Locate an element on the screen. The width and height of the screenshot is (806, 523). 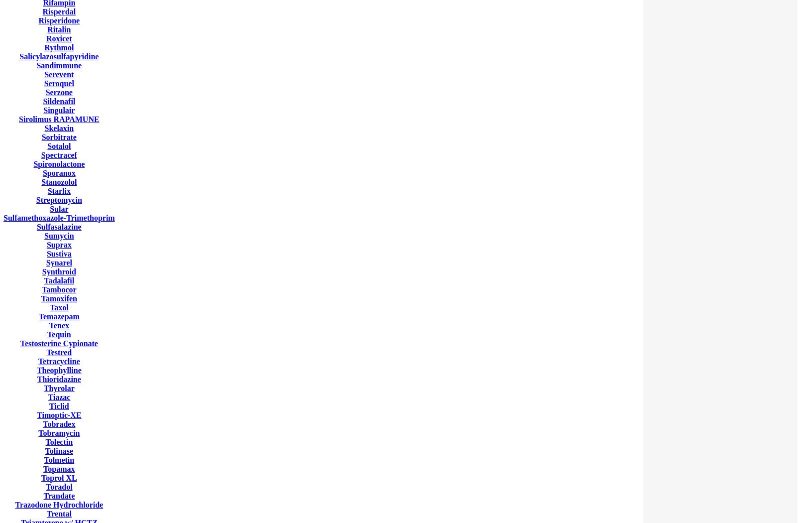
'Skelaxin' is located at coordinates (44, 128).